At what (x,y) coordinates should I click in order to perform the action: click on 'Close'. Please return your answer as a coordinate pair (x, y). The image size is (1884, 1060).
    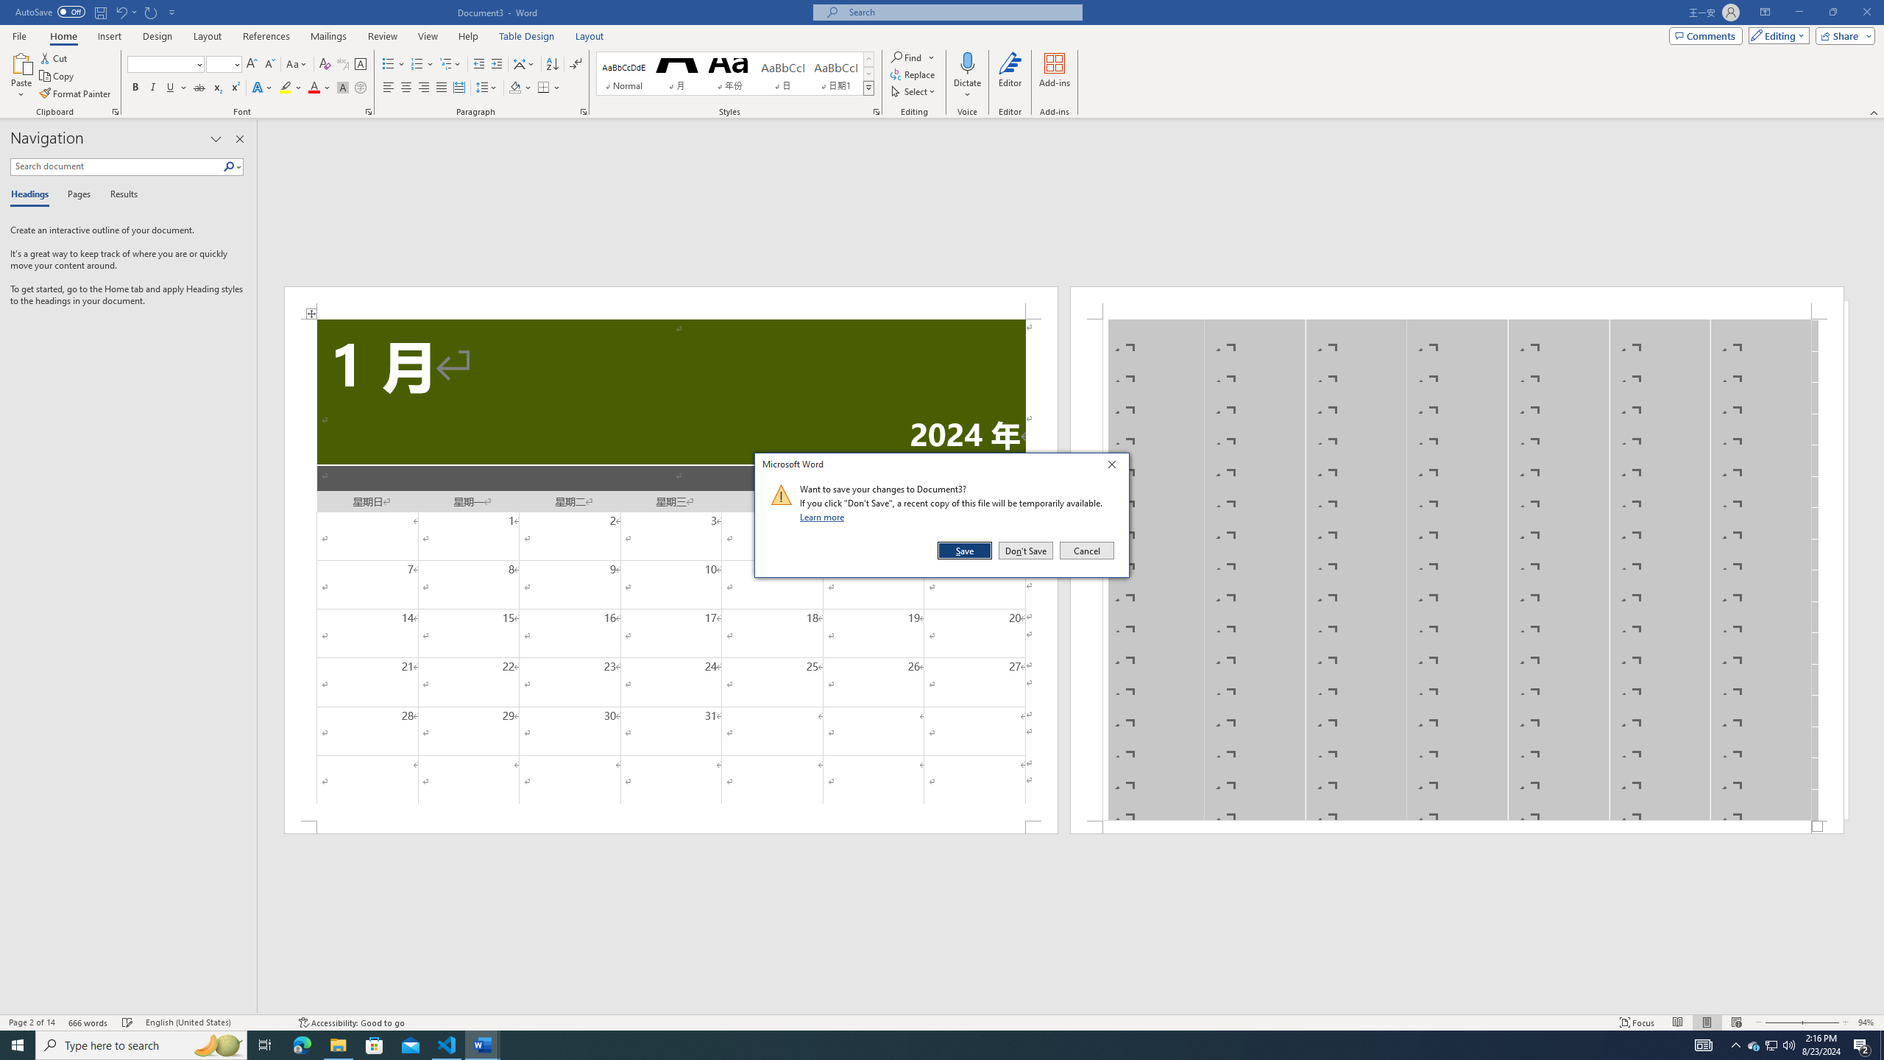
    Looking at the image, I should click on (1116, 466).